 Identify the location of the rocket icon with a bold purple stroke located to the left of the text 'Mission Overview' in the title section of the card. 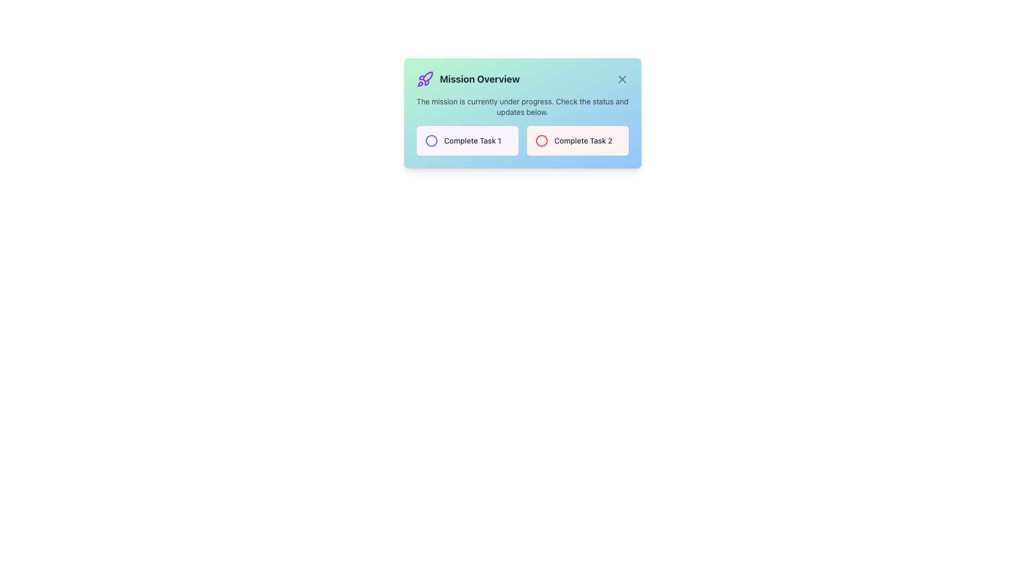
(425, 79).